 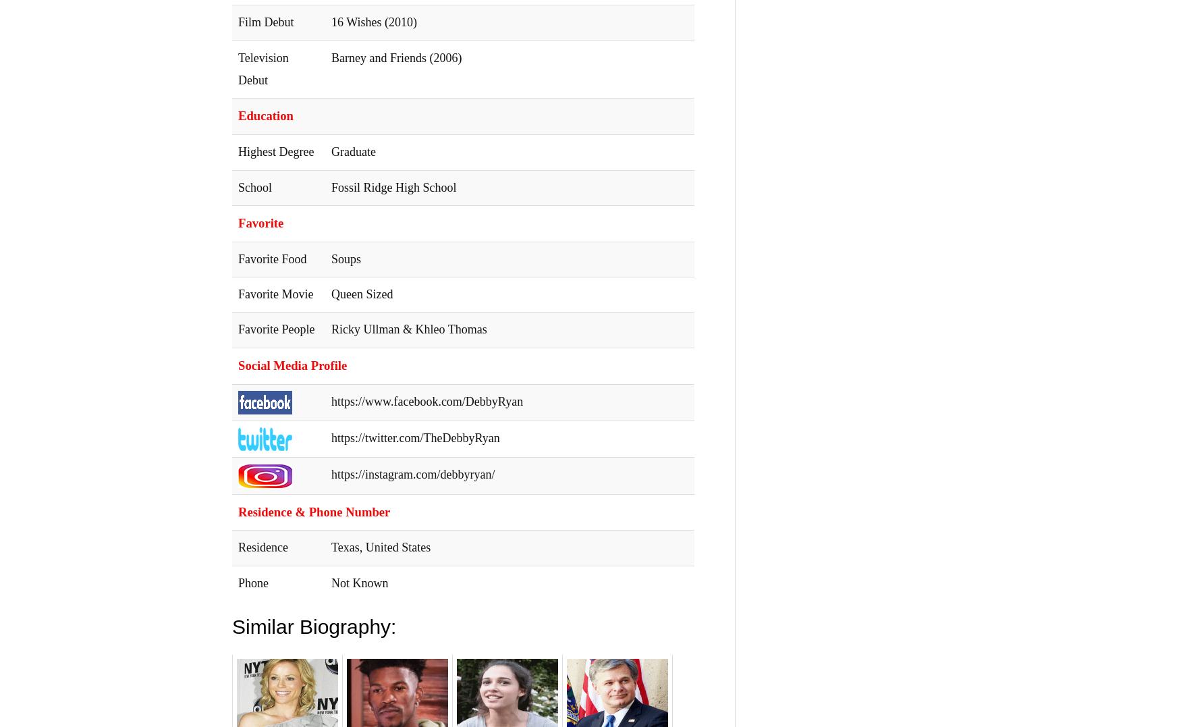 I want to click on 'Film Debut', so click(x=238, y=21).